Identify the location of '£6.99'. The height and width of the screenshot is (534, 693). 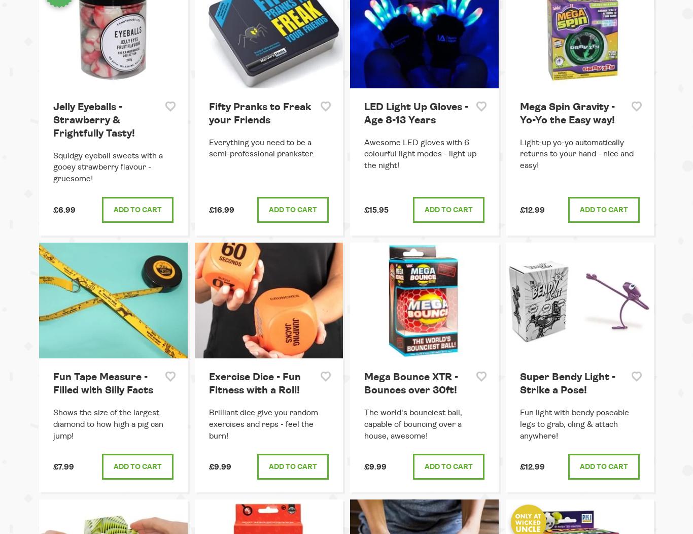
(53, 210).